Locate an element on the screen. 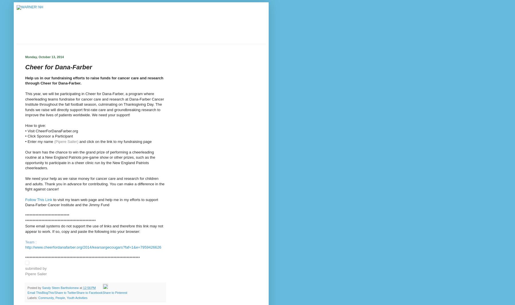 Image resolution: width=515 pixels, height=305 pixels. 'Labels:' is located at coordinates (32, 298).